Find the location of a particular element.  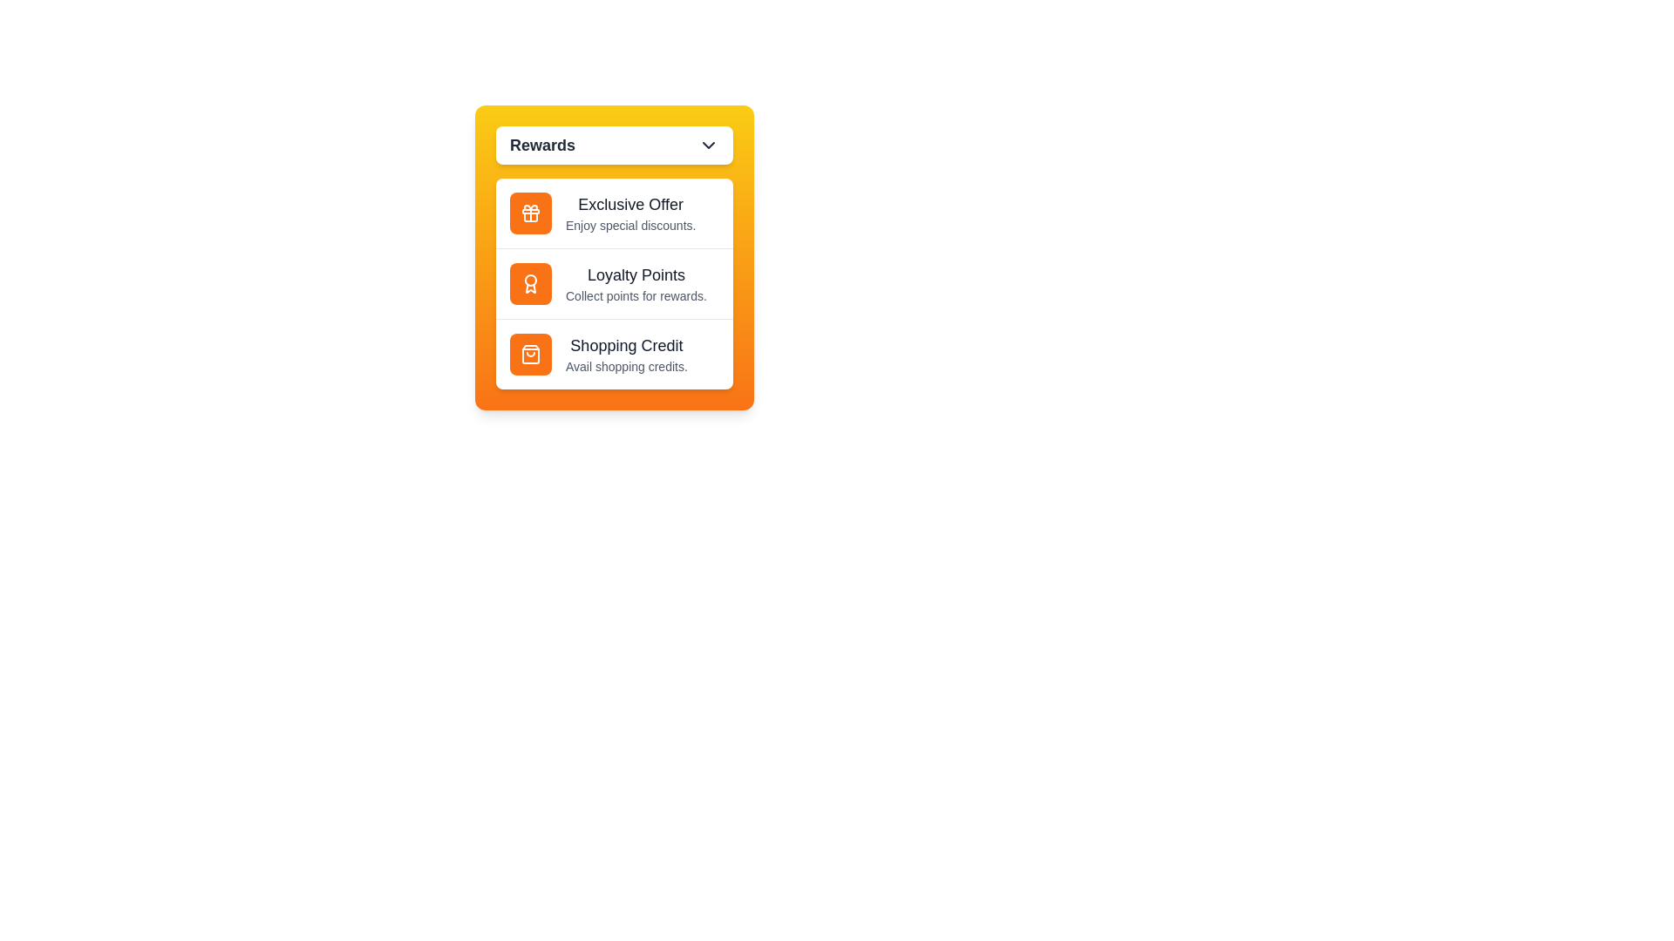

the chevron icon pointing downward, which indicates the expandable menu for the 'Rewards' section, using keyboard navigation is located at coordinates (708, 144).